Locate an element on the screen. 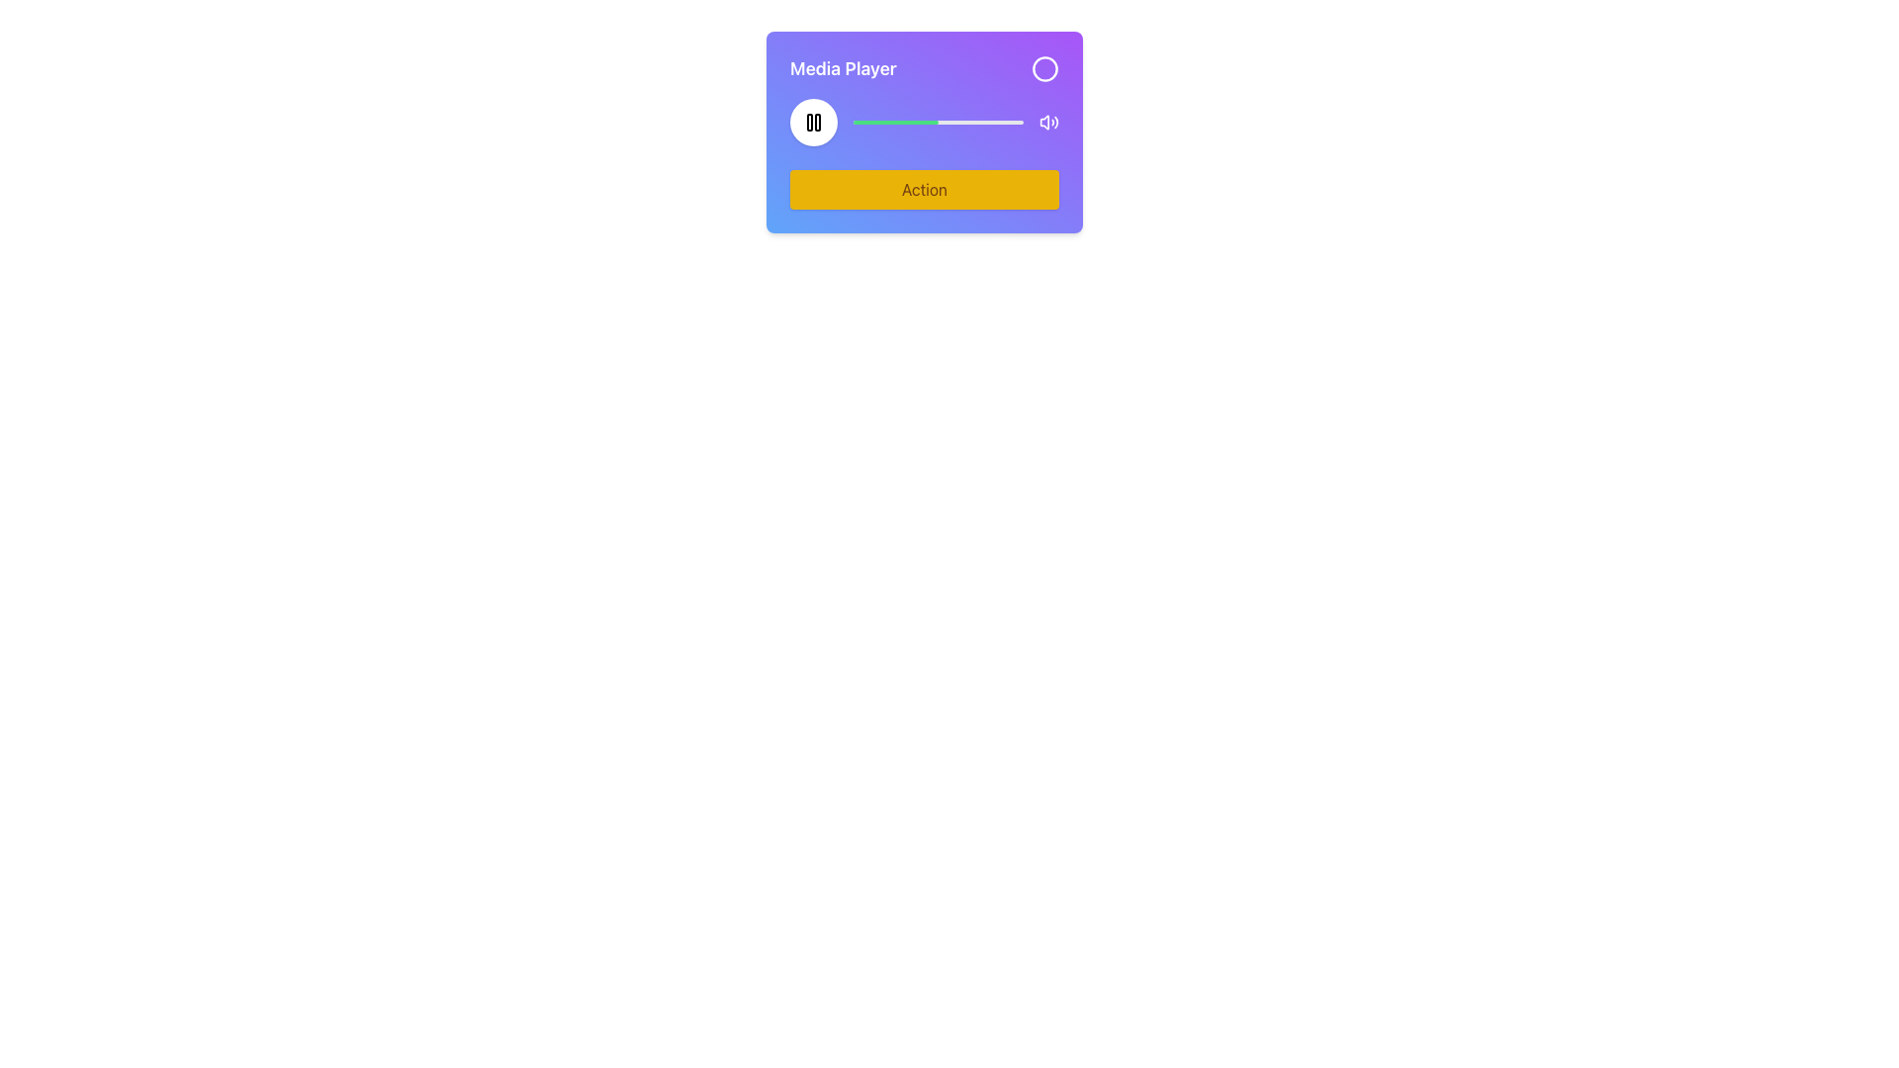 Image resolution: width=1899 pixels, height=1068 pixels. audio volume icon's outer wave graphic element, which is a curved line styled as an arc representing sound waves, located in the top-right section of the media player interface is located at coordinates (1055, 122).